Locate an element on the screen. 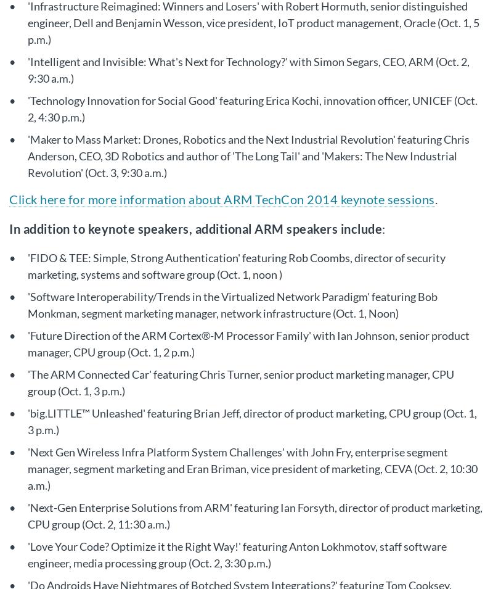  ''Intelligent and Invisible: What's Next for Technology?' with Simon Segars, CEO, ARM (Oct. 2, 9:30 a.m.)' is located at coordinates (248, 69).